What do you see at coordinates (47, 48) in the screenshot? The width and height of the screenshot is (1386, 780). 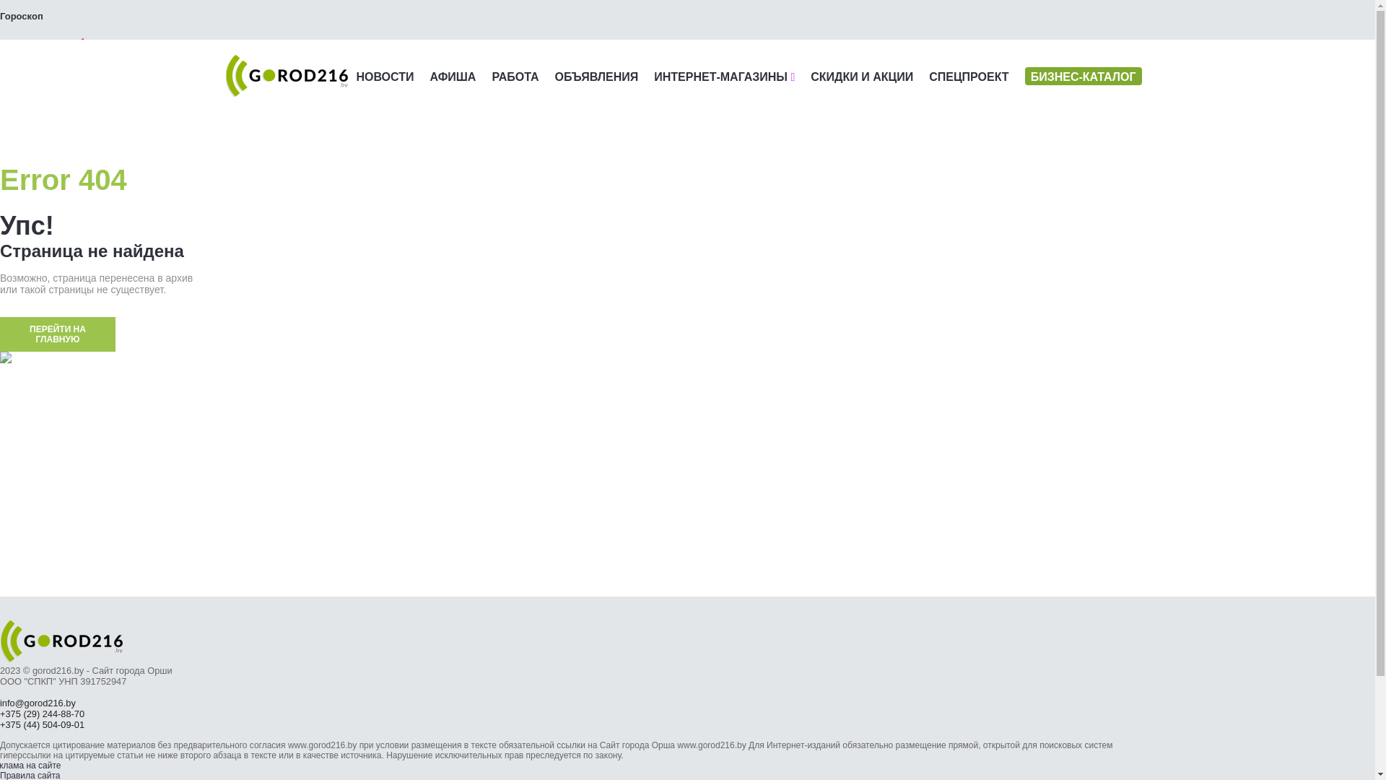 I see `'  '` at bounding box center [47, 48].